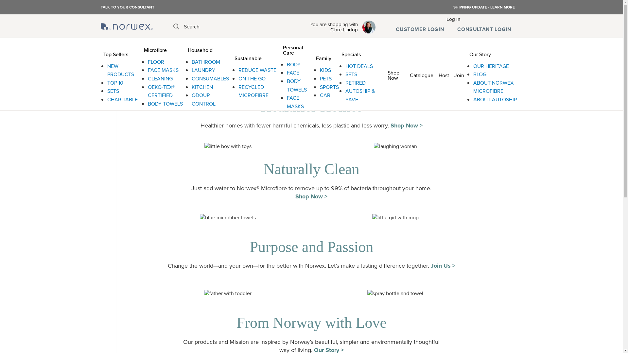 The height and width of the screenshot is (353, 628). What do you see at coordinates (296, 85) in the screenshot?
I see `'BODY TOWELS'` at bounding box center [296, 85].